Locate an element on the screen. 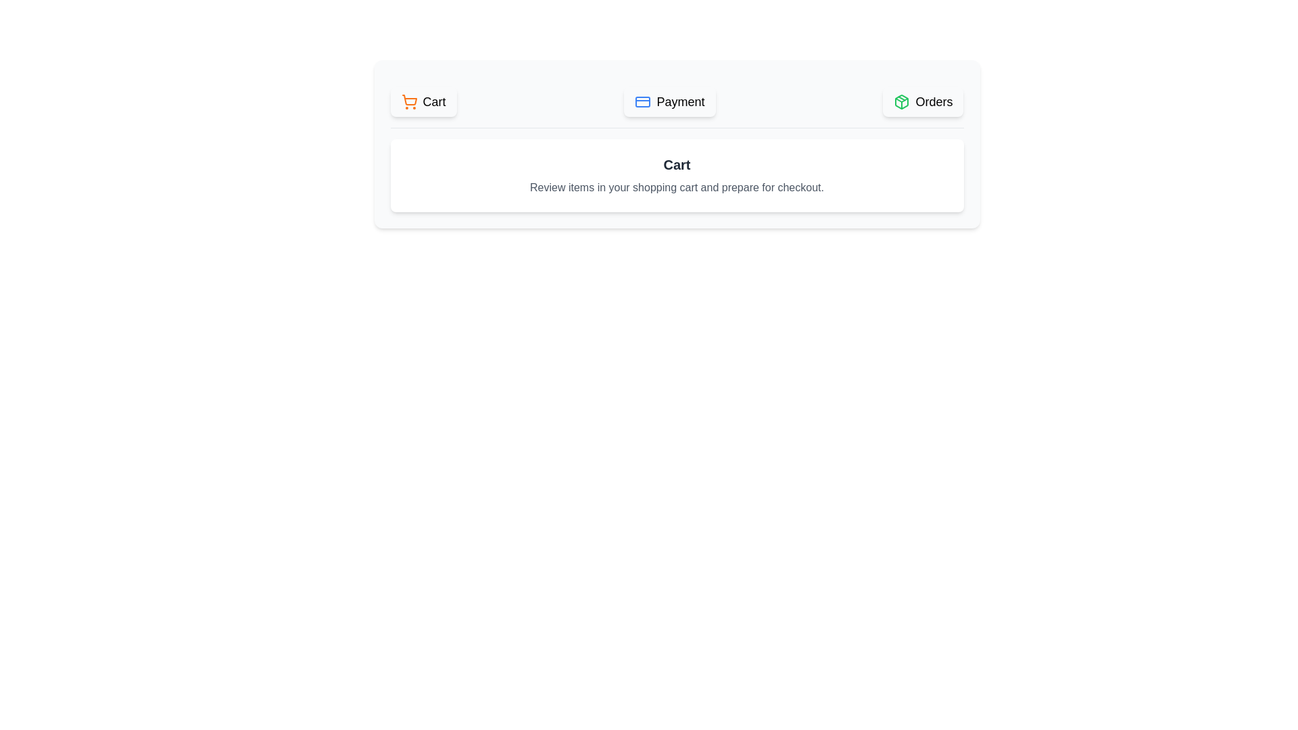 The width and height of the screenshot is (1298, 730). the Payment tab by clicking on it is located at coordinates (669, 101).